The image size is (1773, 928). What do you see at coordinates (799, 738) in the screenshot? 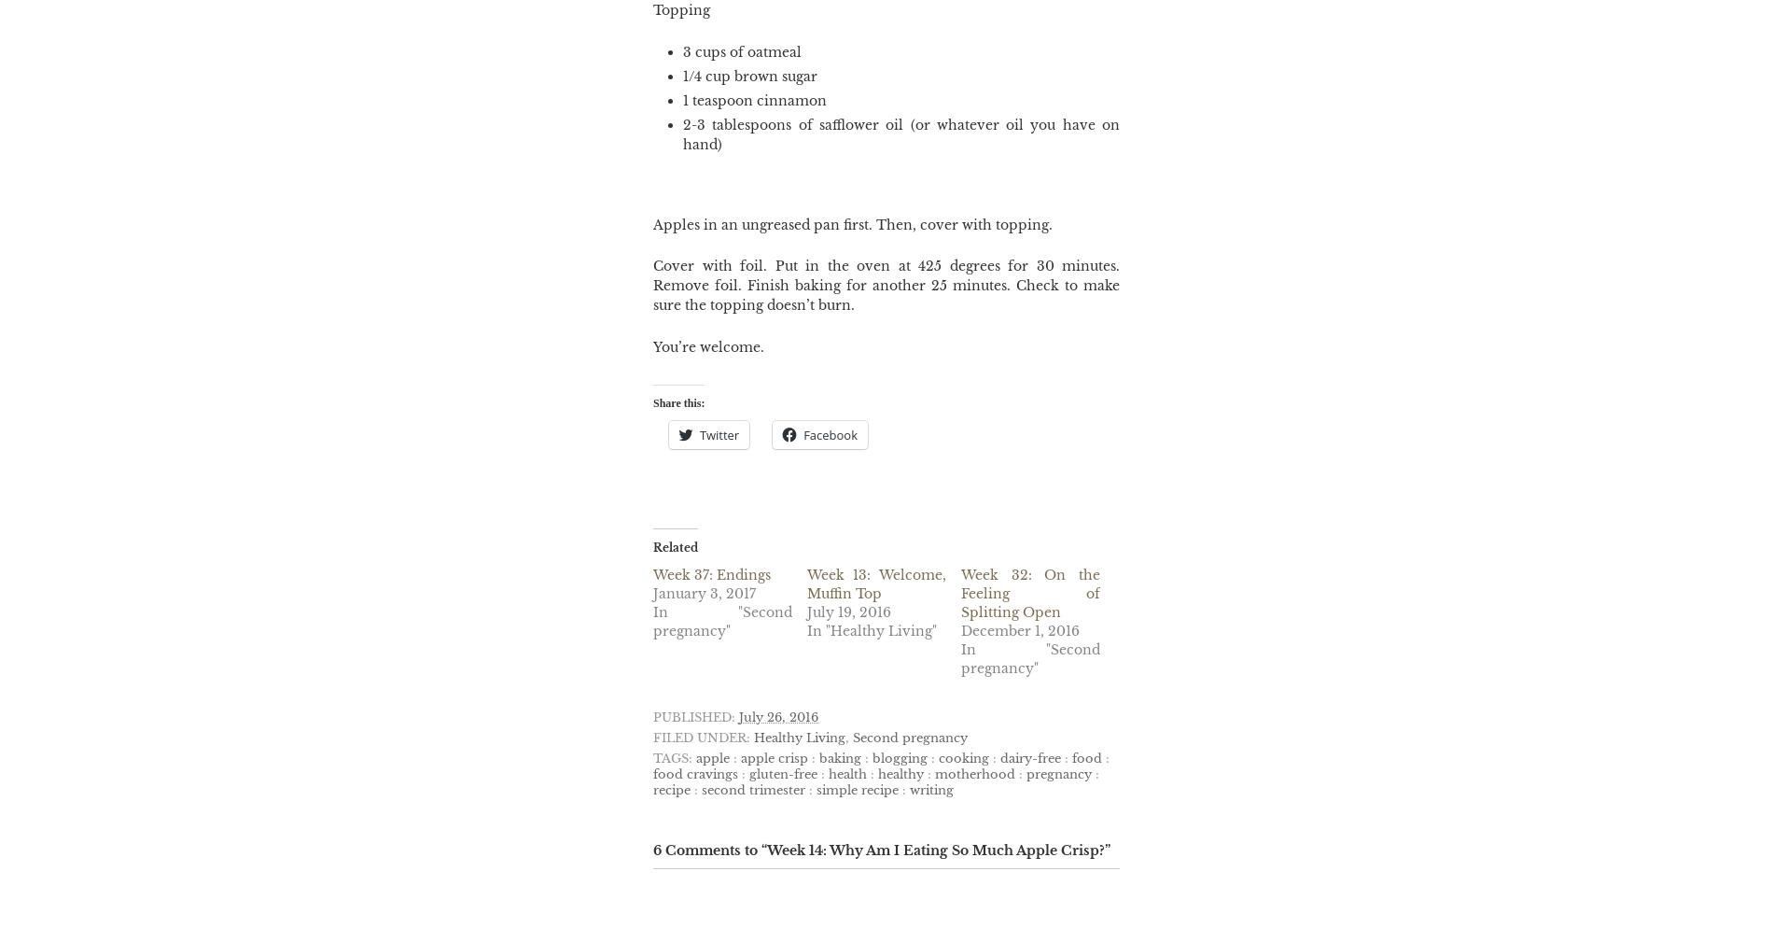
I see `'Healthy Living'` at bounding box center [799, 738].